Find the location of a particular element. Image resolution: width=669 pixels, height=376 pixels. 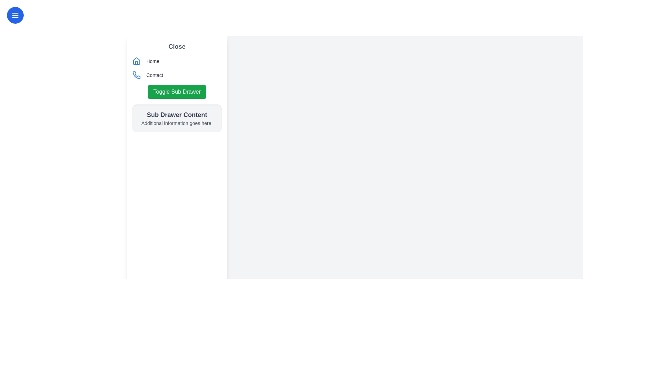

the contact icon located to the left of the 'Contact' text in the navigation list is located at coordinates (137, 75).